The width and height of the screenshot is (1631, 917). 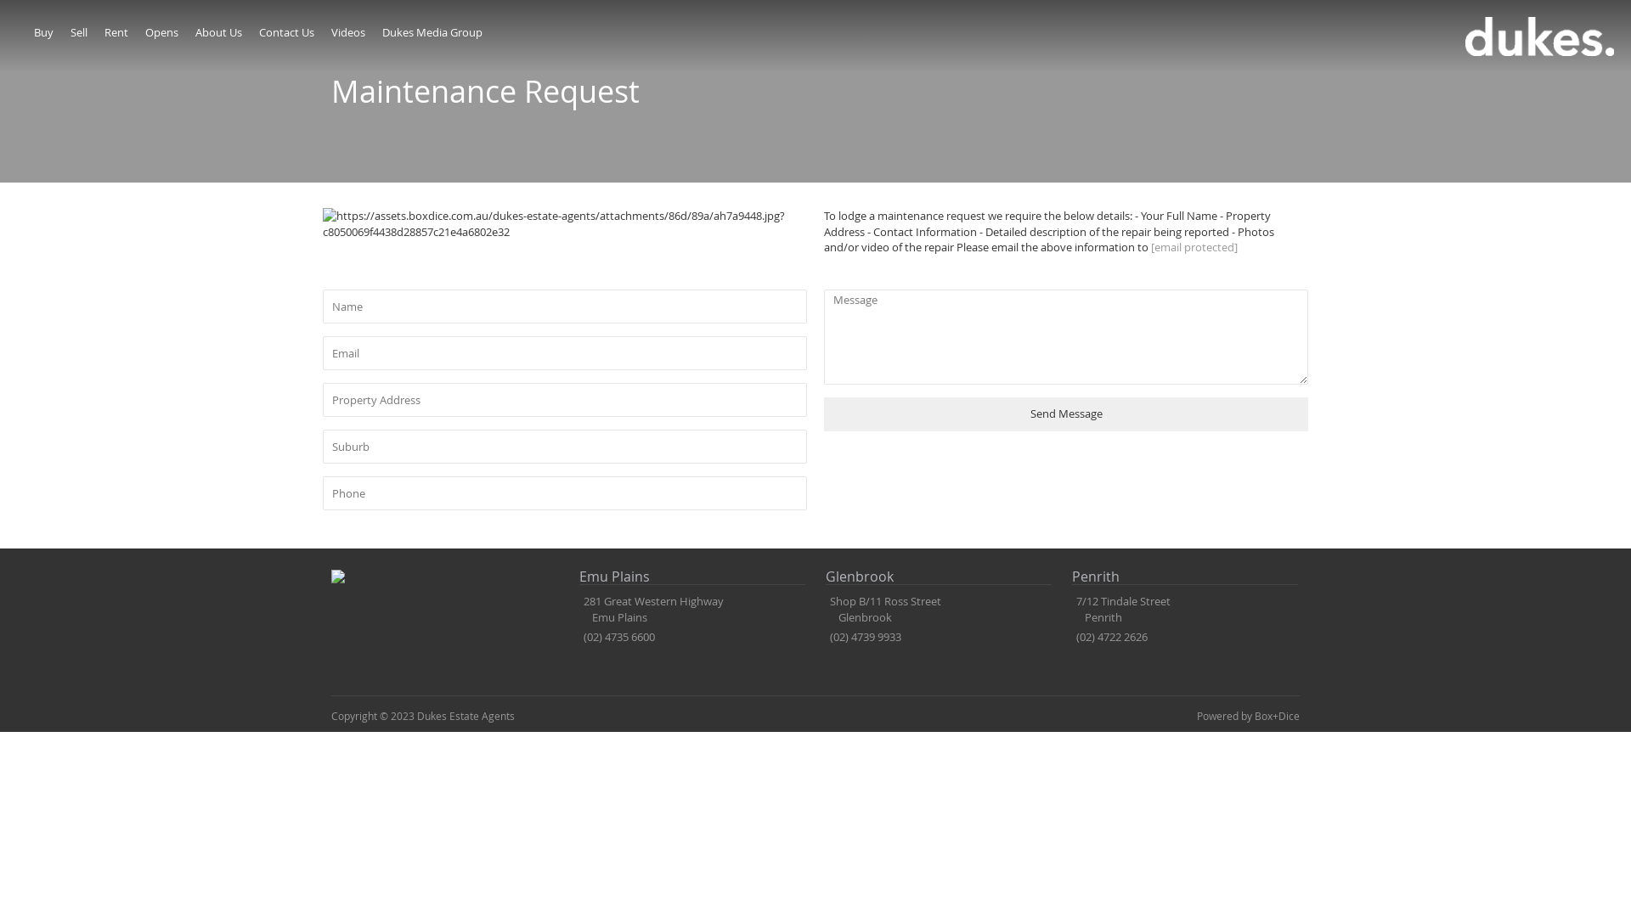 What do you see at coordinates (1064, 414) in the screenshot?
I see `'Send Message'` at bounding box center [1064, 414].